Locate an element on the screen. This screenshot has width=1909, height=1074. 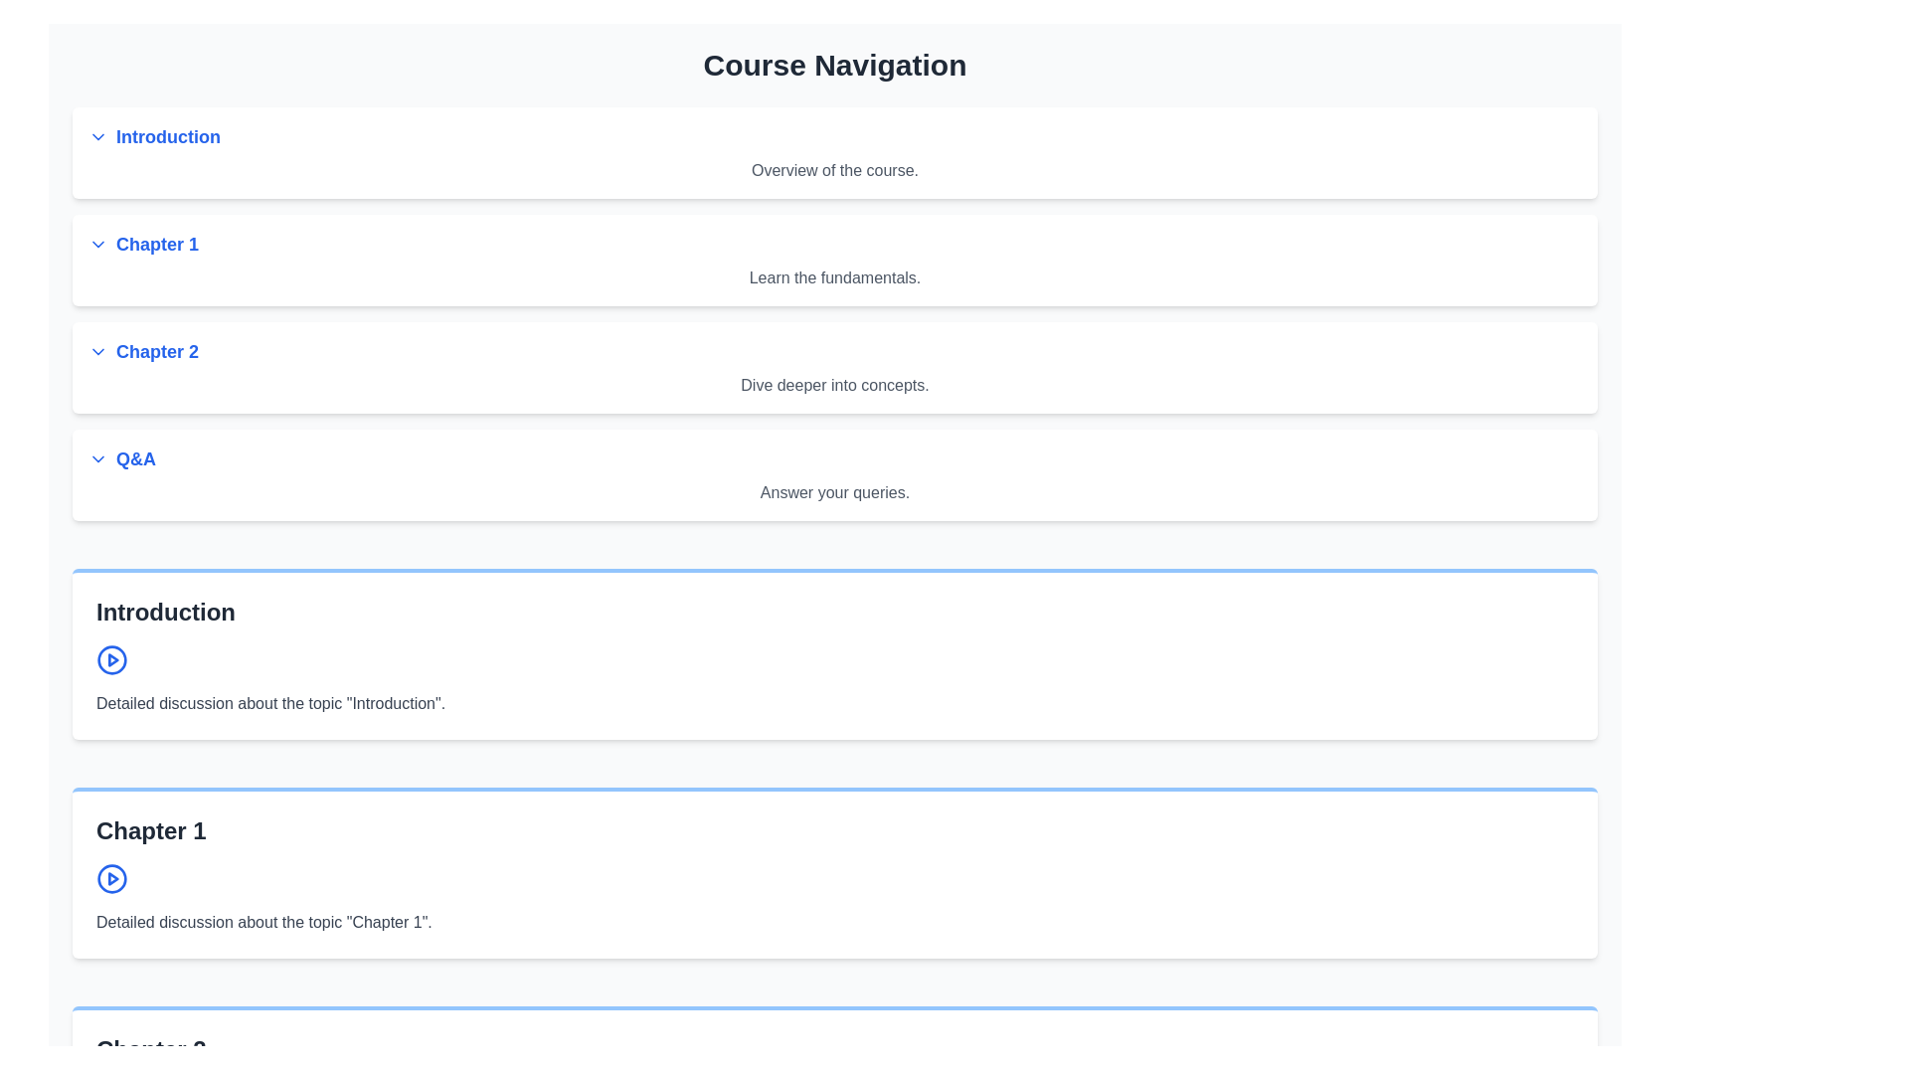
the 'Q&A' text link, which is styled in blue and bold, located under 'Chapter 2' in the navigation list is located at coordinates (135, 459).